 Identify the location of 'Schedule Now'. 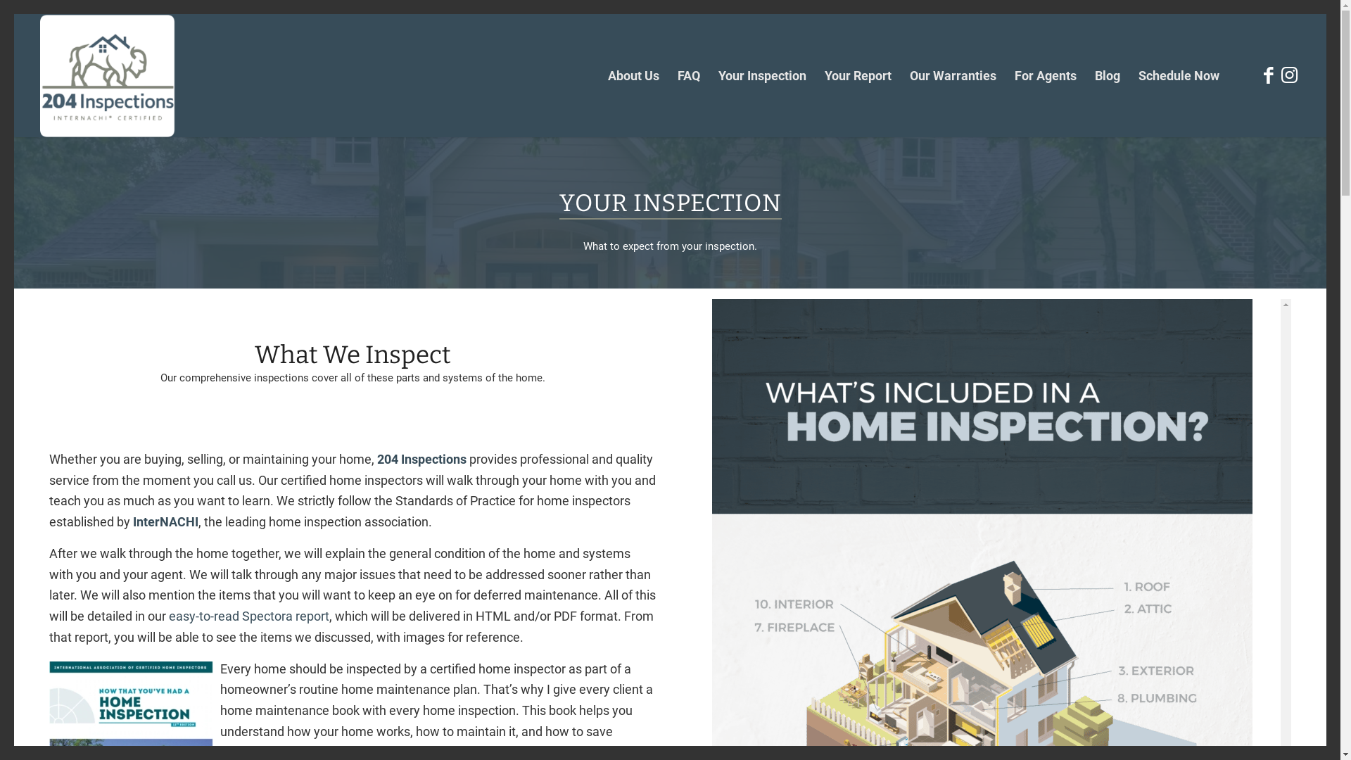
(1129, 75).